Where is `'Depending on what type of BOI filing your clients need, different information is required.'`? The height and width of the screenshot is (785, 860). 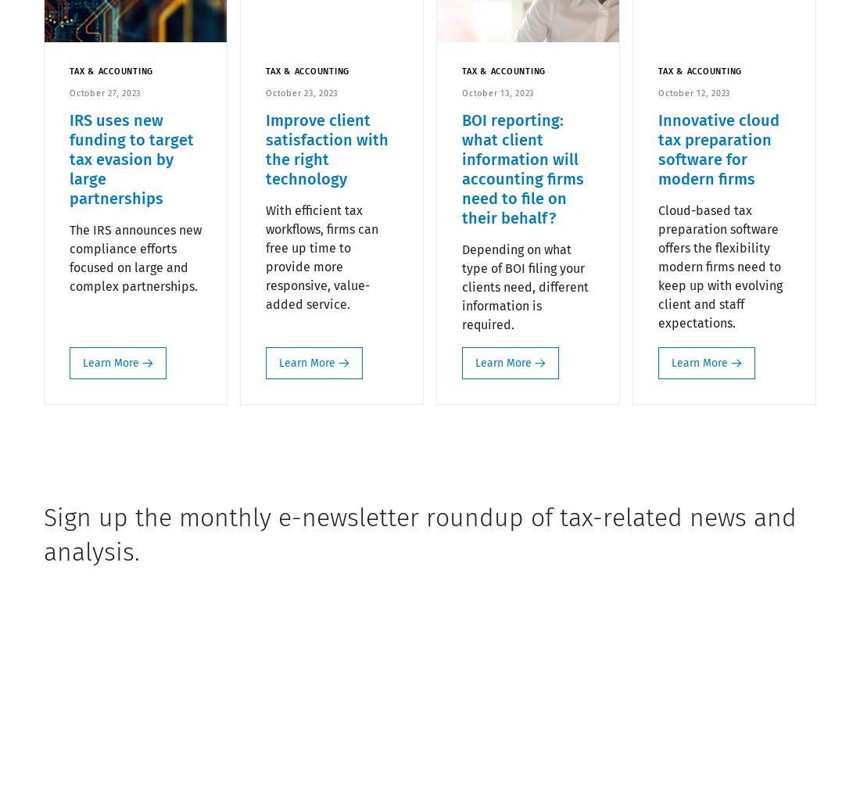
'Depending on what type of BOI filing your clients need, different information is required.' is located at coordinates (461, 286).